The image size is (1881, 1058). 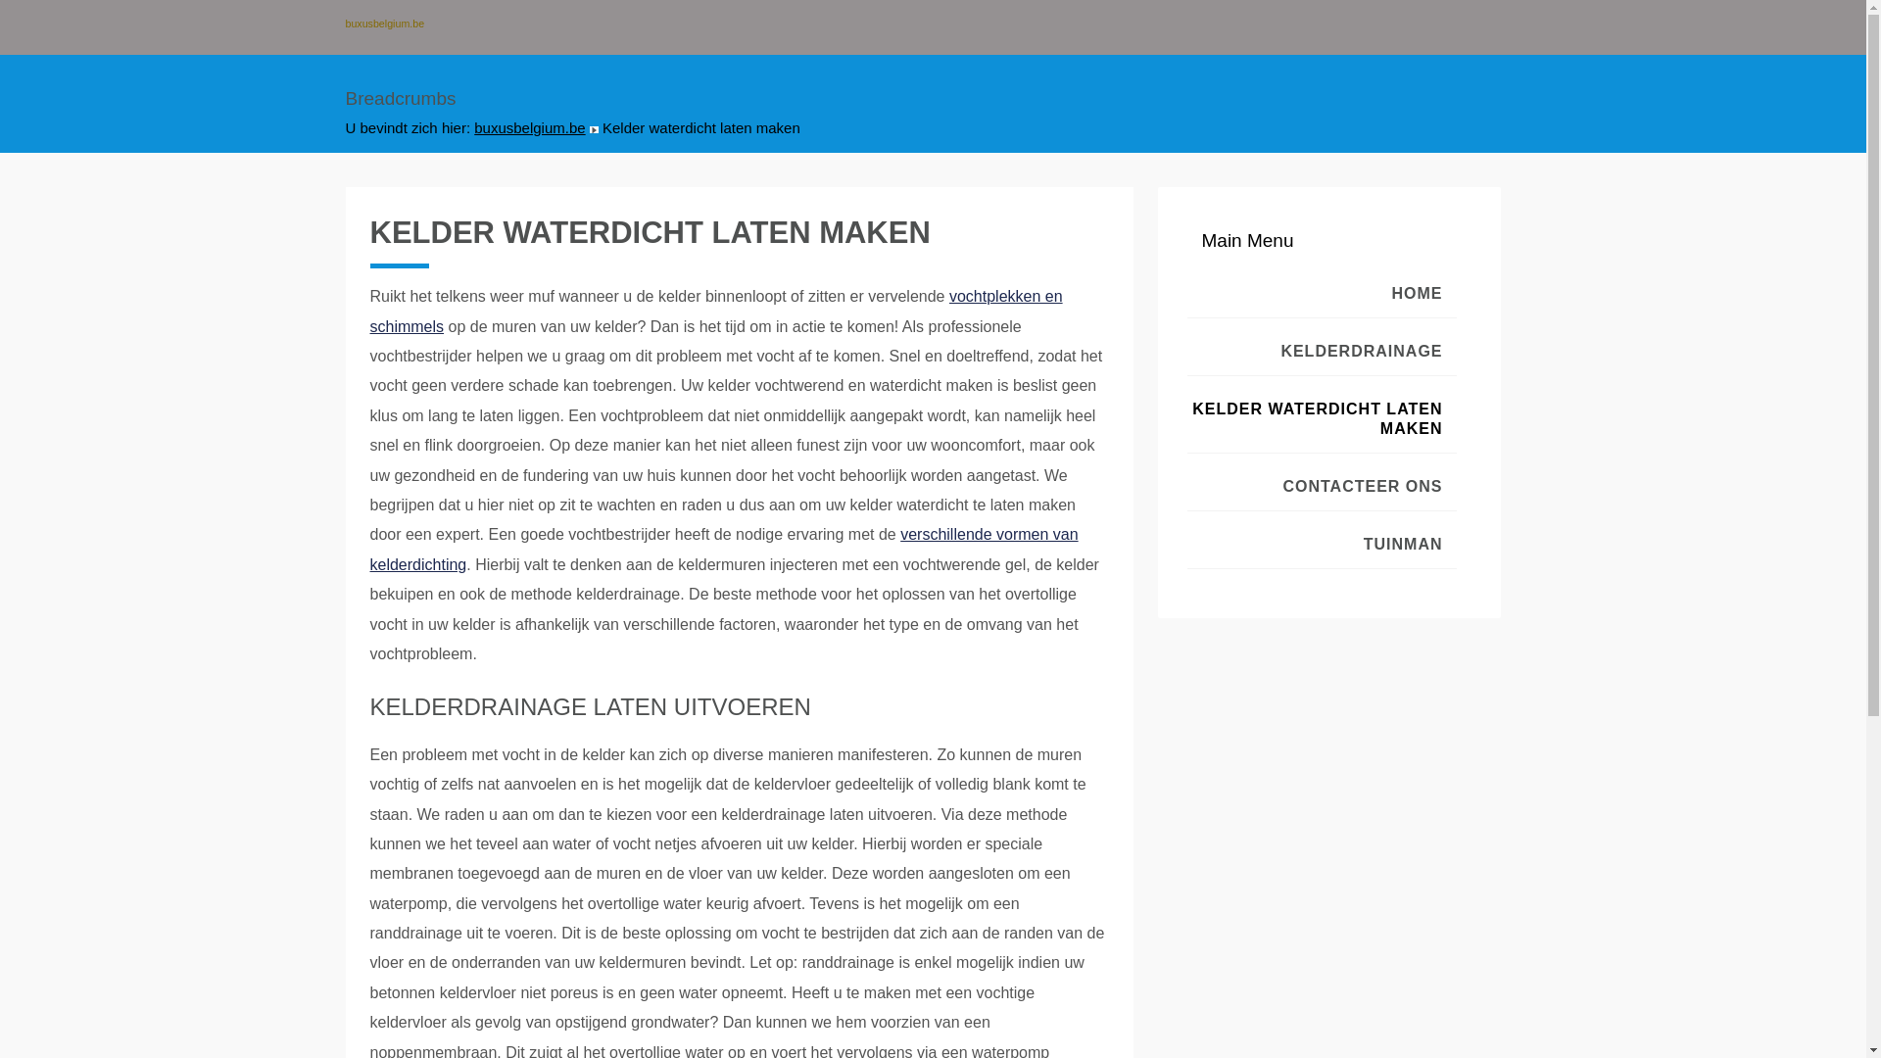 I want to click on 'HOME', so click(x=1322, y=294).